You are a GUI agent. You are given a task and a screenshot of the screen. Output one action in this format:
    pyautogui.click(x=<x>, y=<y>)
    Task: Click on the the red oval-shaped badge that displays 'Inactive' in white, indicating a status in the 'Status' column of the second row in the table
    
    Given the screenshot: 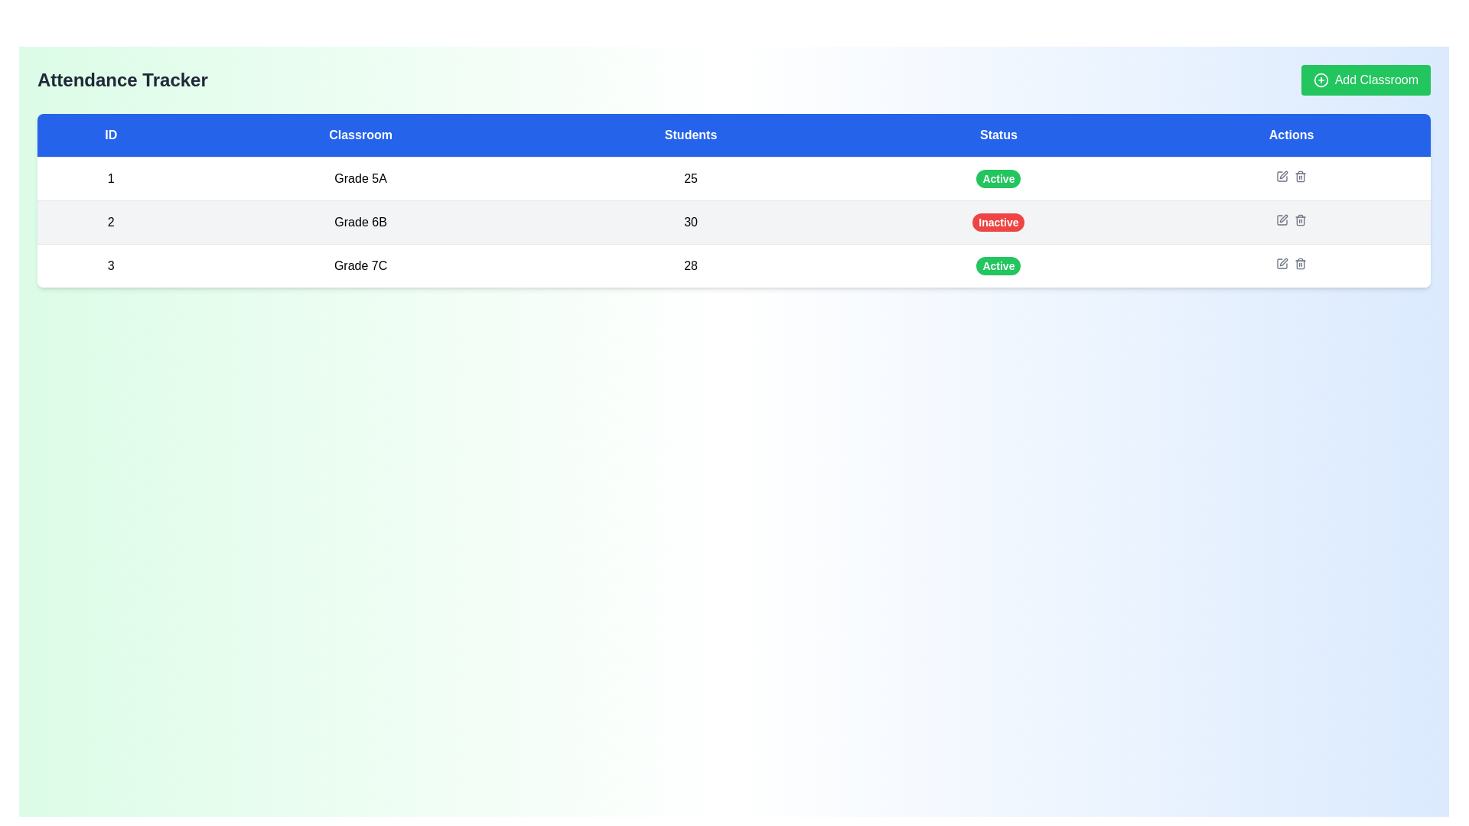 What is the action you would take?
    pyautogui.click(x=998, y=222)
    